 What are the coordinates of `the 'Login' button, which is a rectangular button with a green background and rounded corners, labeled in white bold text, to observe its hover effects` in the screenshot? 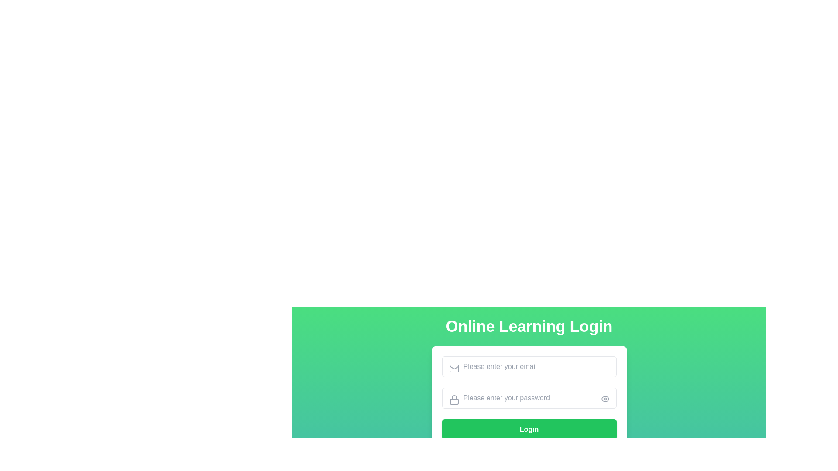 It's located at (529, 398).